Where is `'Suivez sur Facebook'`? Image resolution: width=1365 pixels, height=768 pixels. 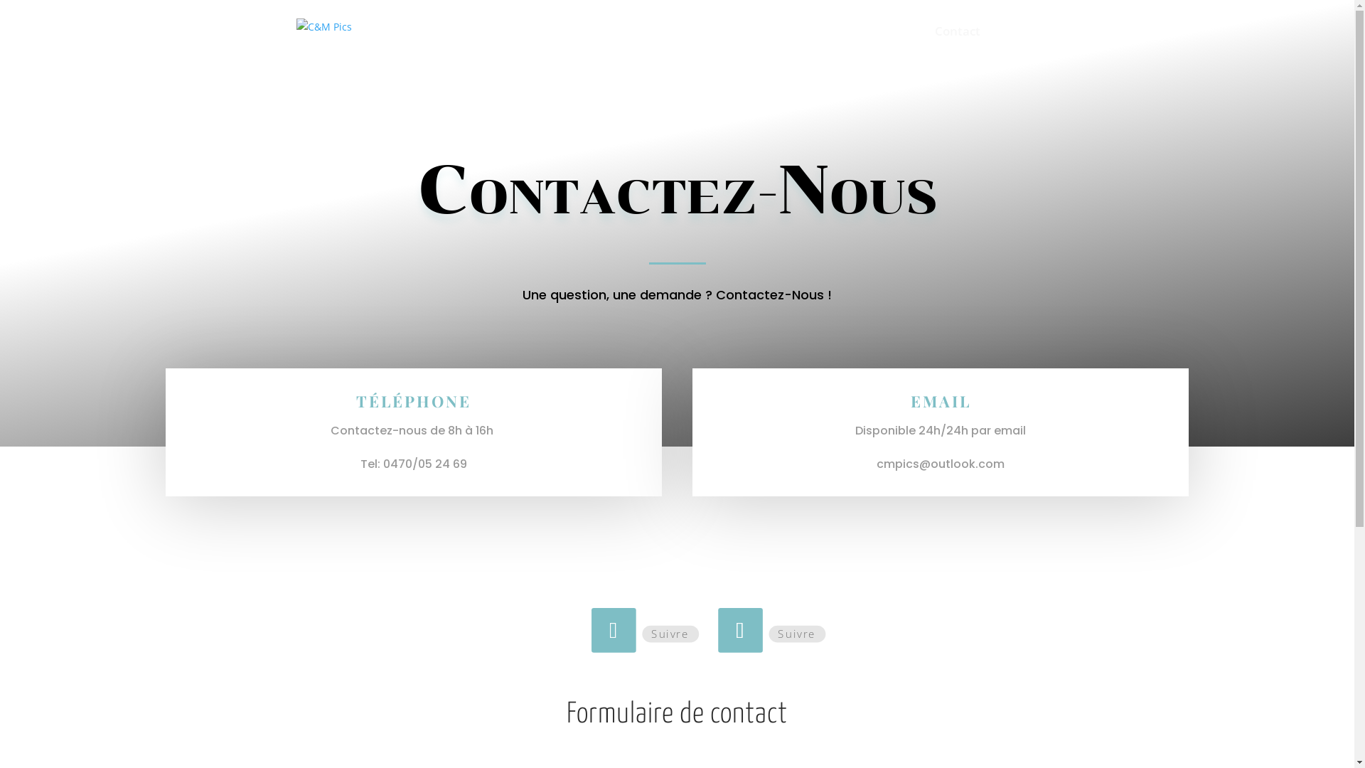
'Suivez sur Facebook' is located at coordinates (611, 627).